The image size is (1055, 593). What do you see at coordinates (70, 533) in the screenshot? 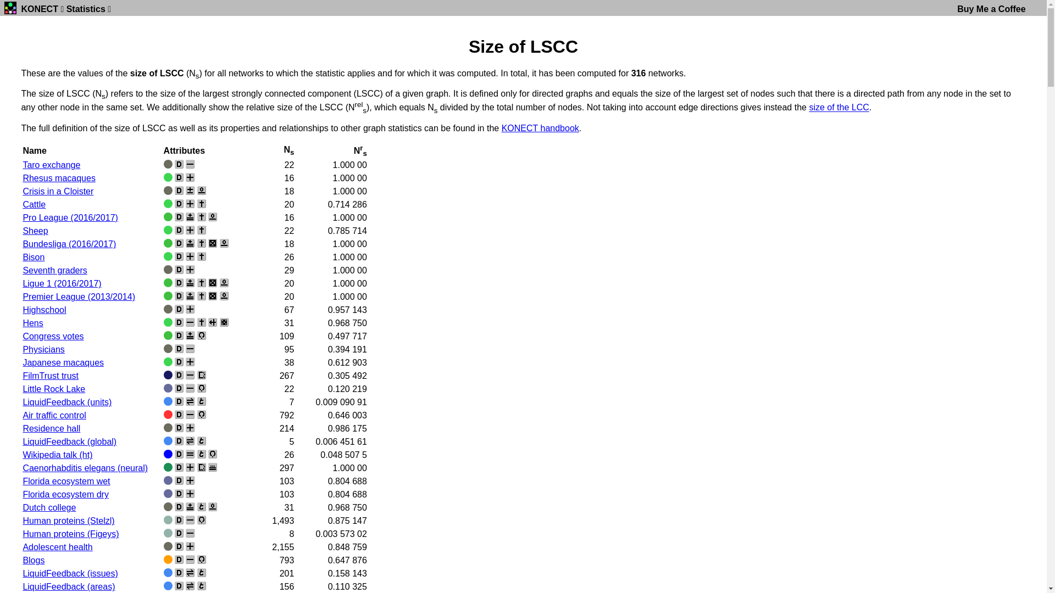
I see `'Human proteins (Figeys)'` at bounding box center [70, 533].